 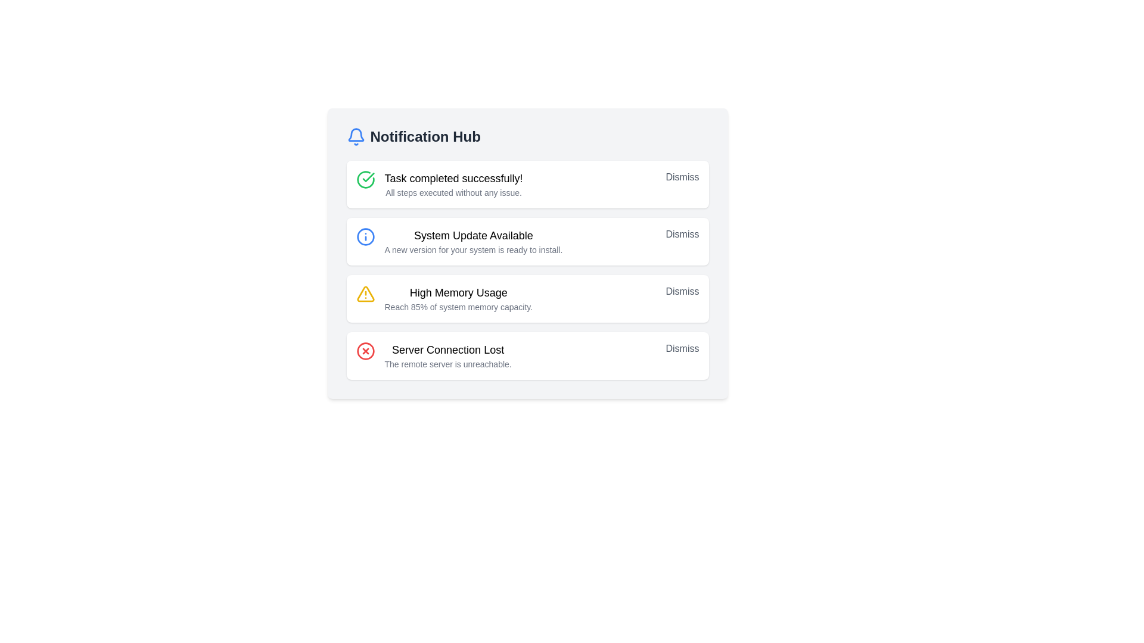 What do you see at coordinates (682, 291) in the screenshot?
I see `the 'Dismiss' button, which is styled in gray and located in the notification block for 'High Memory Usage'` at bounding box center [682, 291].